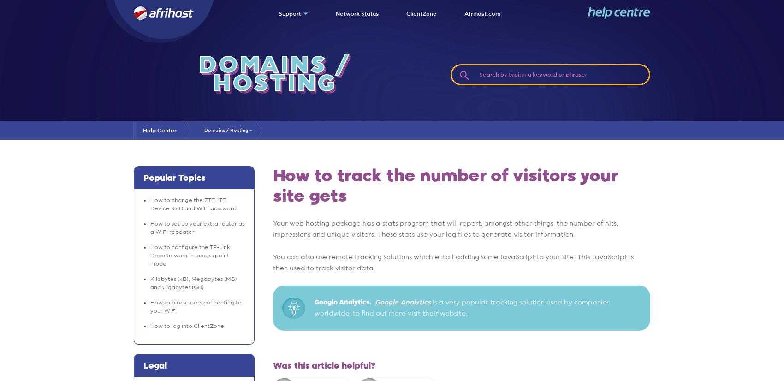 This screenshot has height=381, width=784. I want to click on 'Submit a Ticket', so click(329, 178).